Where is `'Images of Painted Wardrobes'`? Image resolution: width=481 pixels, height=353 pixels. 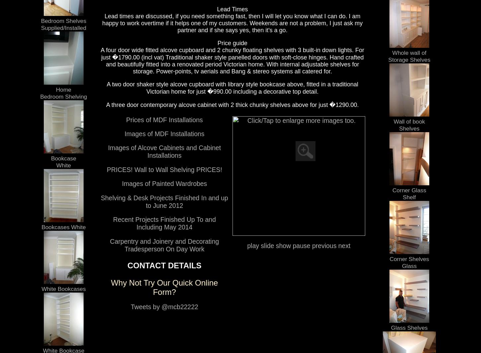 'Images of Painted Wardrobes' is located at coordinates (164, 183).